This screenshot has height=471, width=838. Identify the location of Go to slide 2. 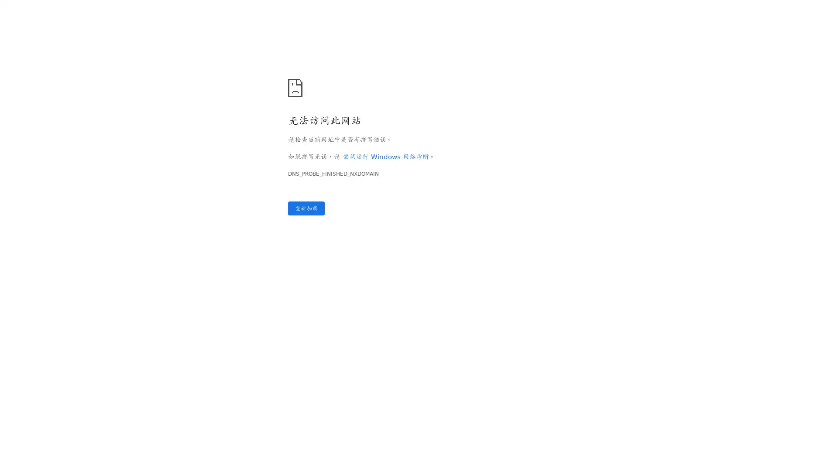
(22, 378).